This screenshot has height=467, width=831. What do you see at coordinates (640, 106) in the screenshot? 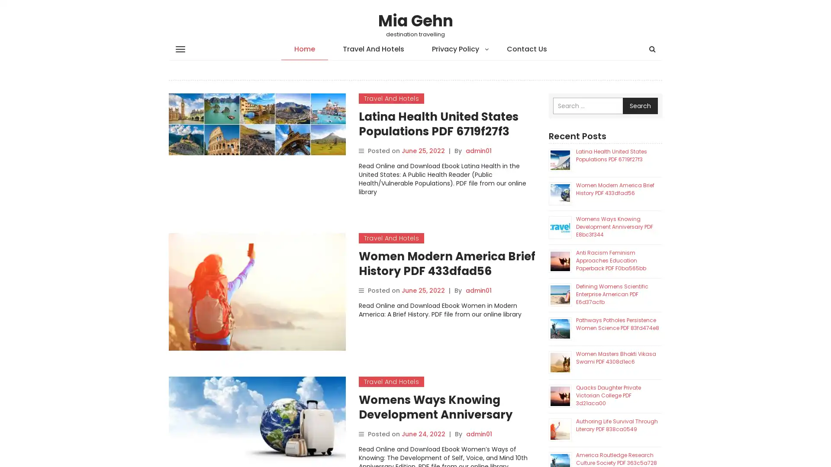
I see `Search` at bounding box center [640, 106].